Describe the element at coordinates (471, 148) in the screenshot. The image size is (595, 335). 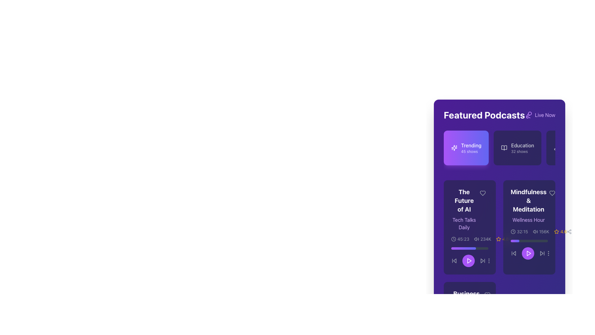
I see `the text element that displays 'Trending' and '45 shows' within the top-left card of the 'Featured Podcasts' section for additional visual feedback` at that location.